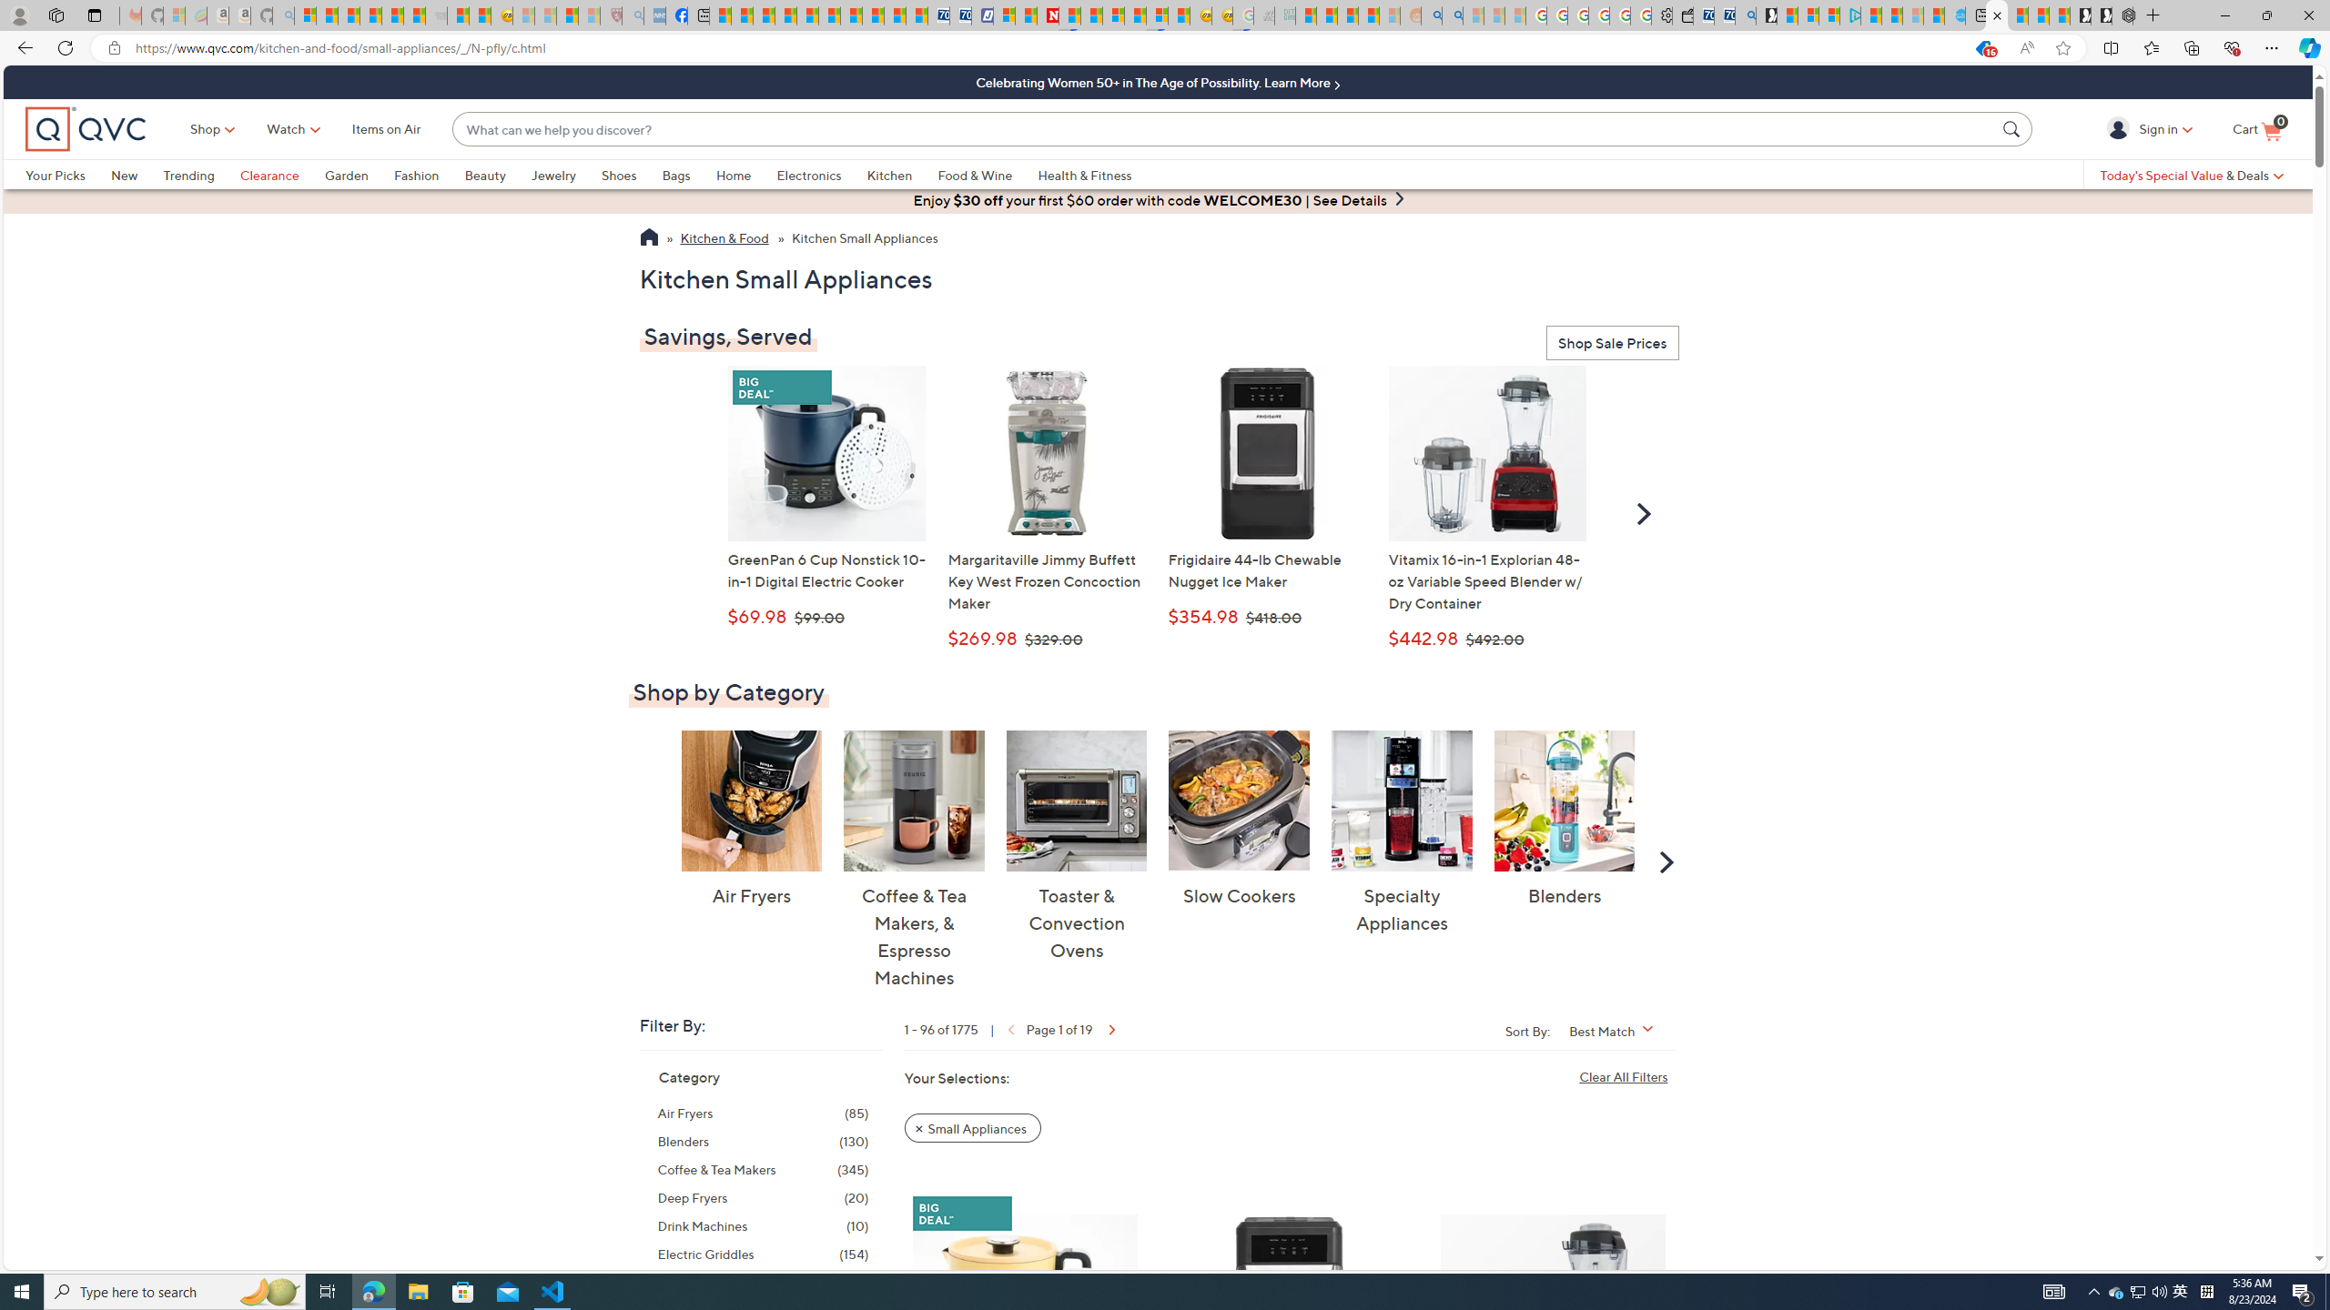 Image resolution: width=2330 pixels, height=1310 pixels. Describe the element at coordinates (1400, 832) in the screenshot. I see `'Specialty Appliances Specialty Appliances'` at that location.